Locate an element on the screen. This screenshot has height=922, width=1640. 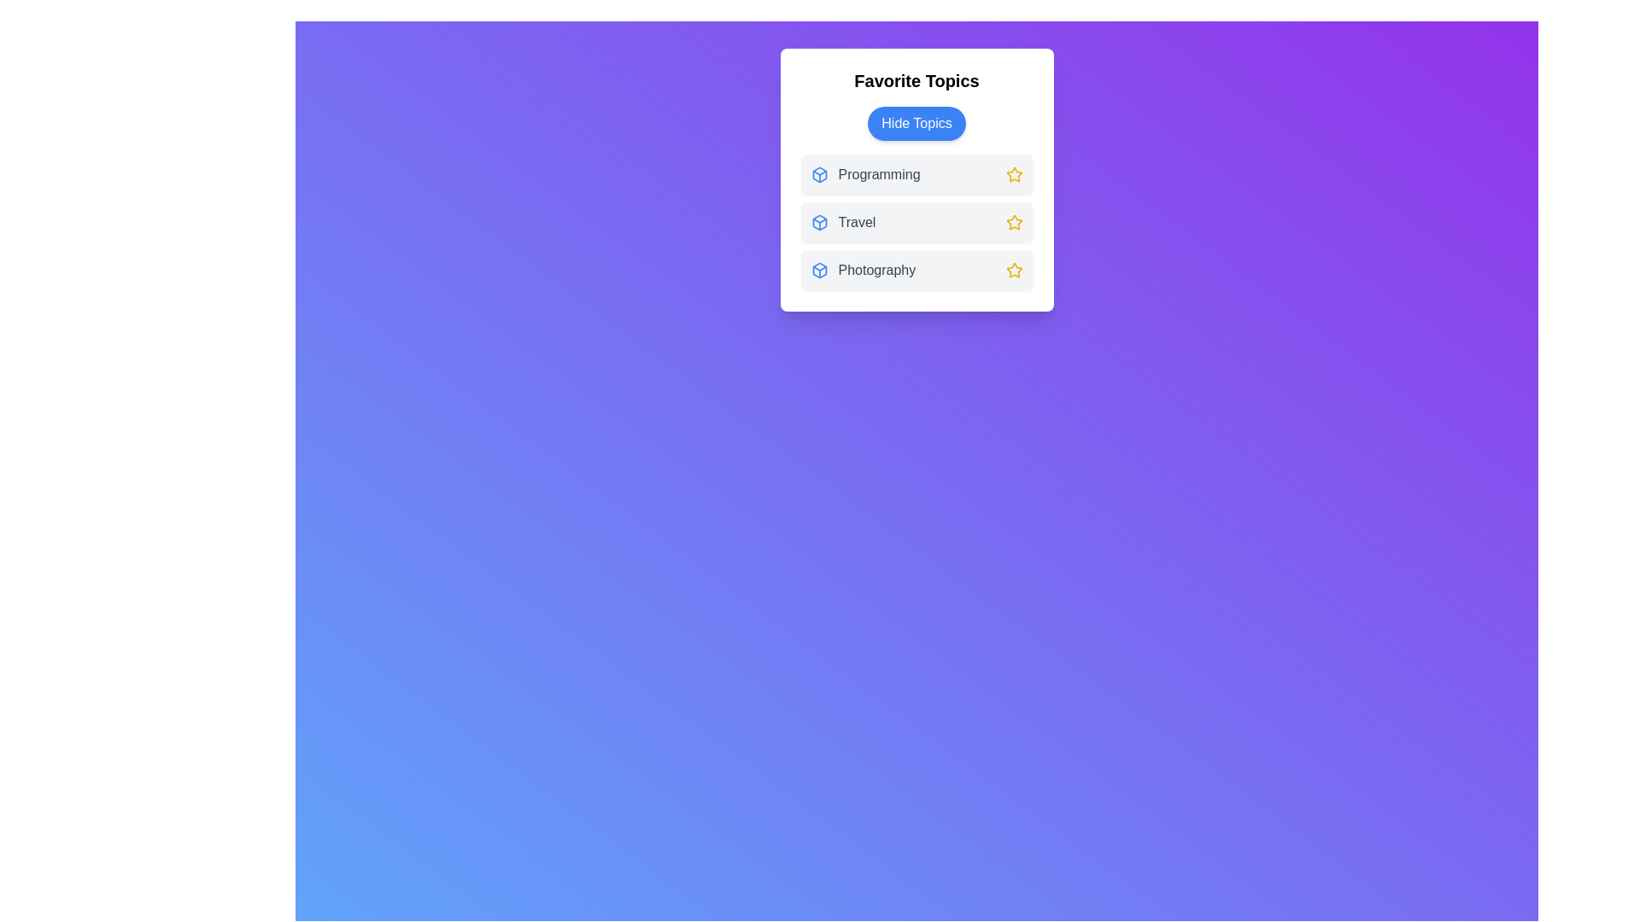
the static label displaying the topic 'Programming' in the list of favorite topics, which is the first item in the vertical list under the heading 'Favorite Topics' is located at coordinates (916, 174).